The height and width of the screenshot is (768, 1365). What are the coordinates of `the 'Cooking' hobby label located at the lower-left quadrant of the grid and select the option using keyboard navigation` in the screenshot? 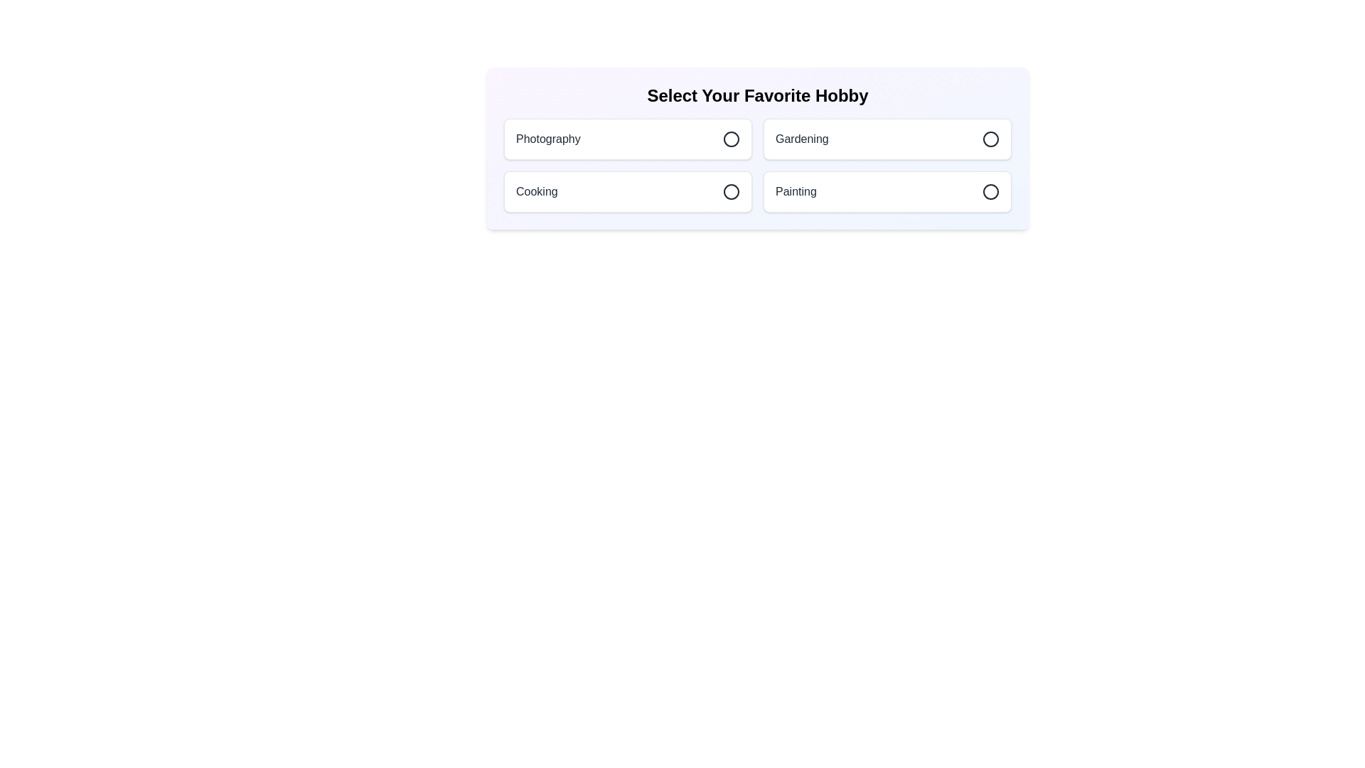 It's located at (536, 192).